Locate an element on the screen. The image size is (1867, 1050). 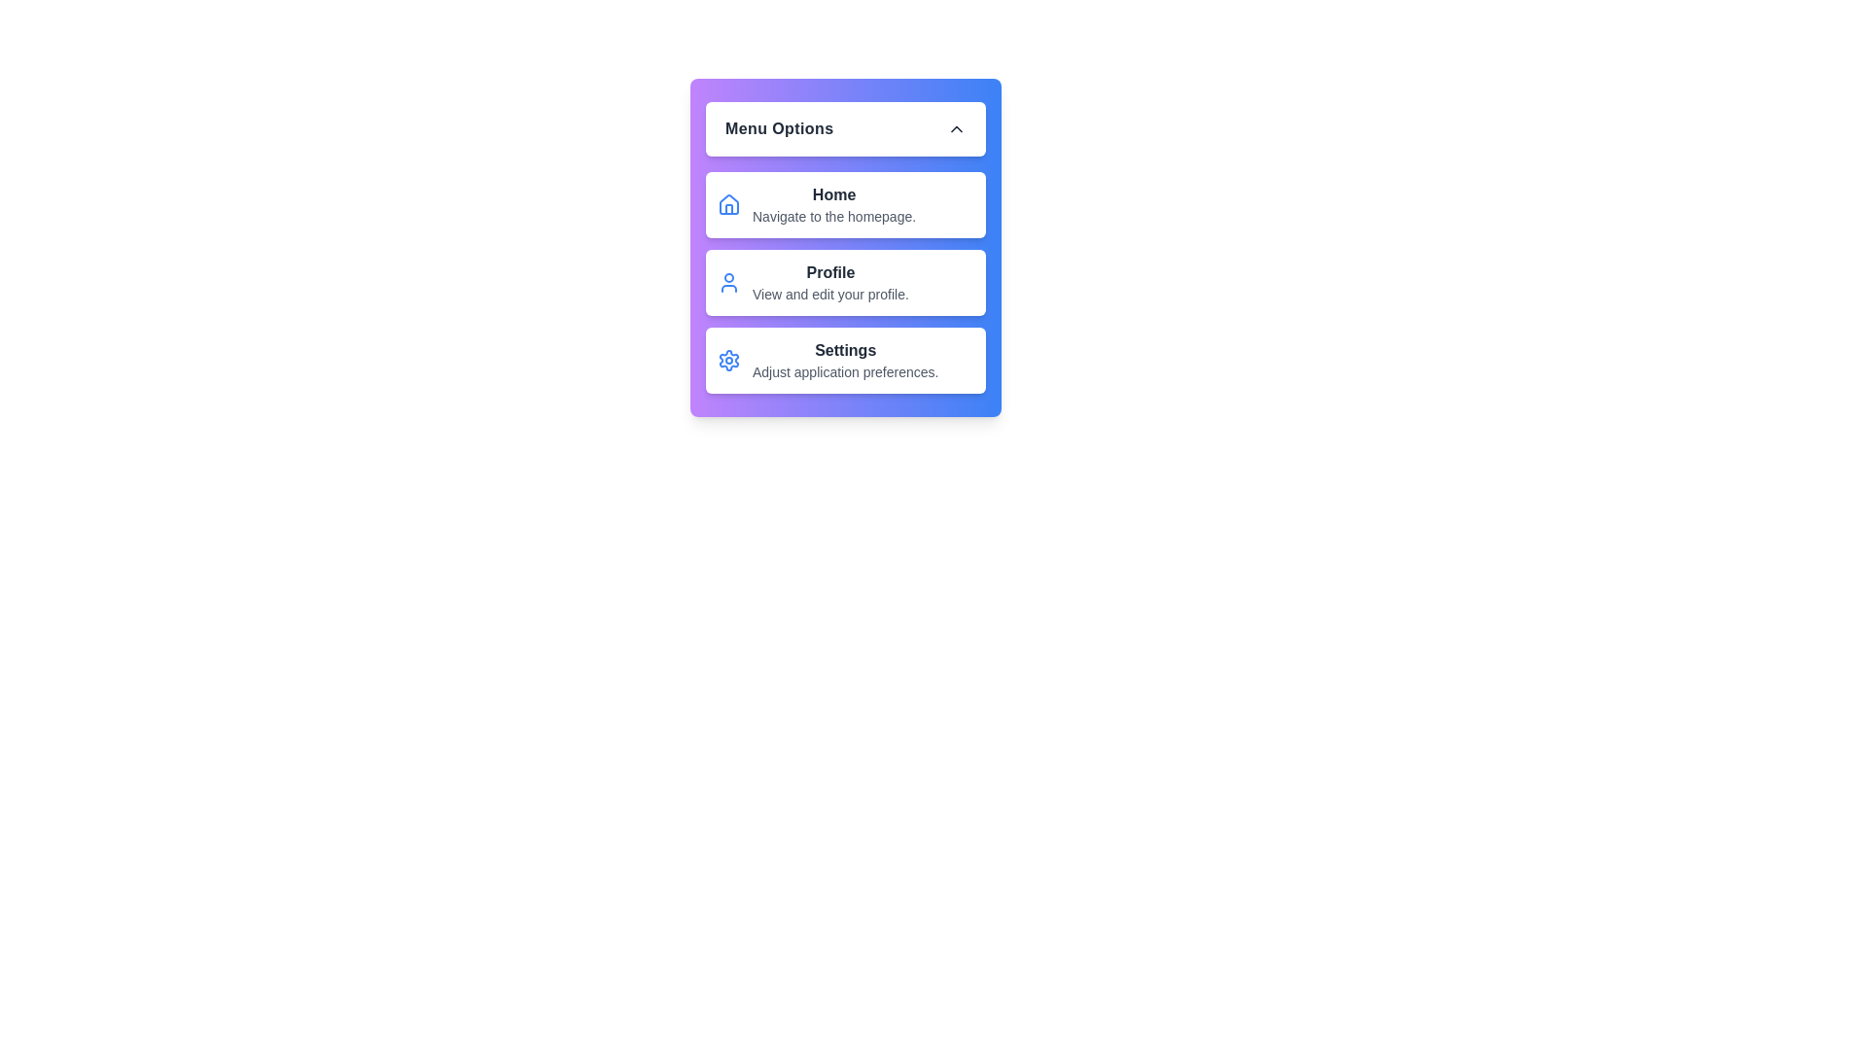
the icon corresponding to the menu option Home is located at coordinates (727, 205).